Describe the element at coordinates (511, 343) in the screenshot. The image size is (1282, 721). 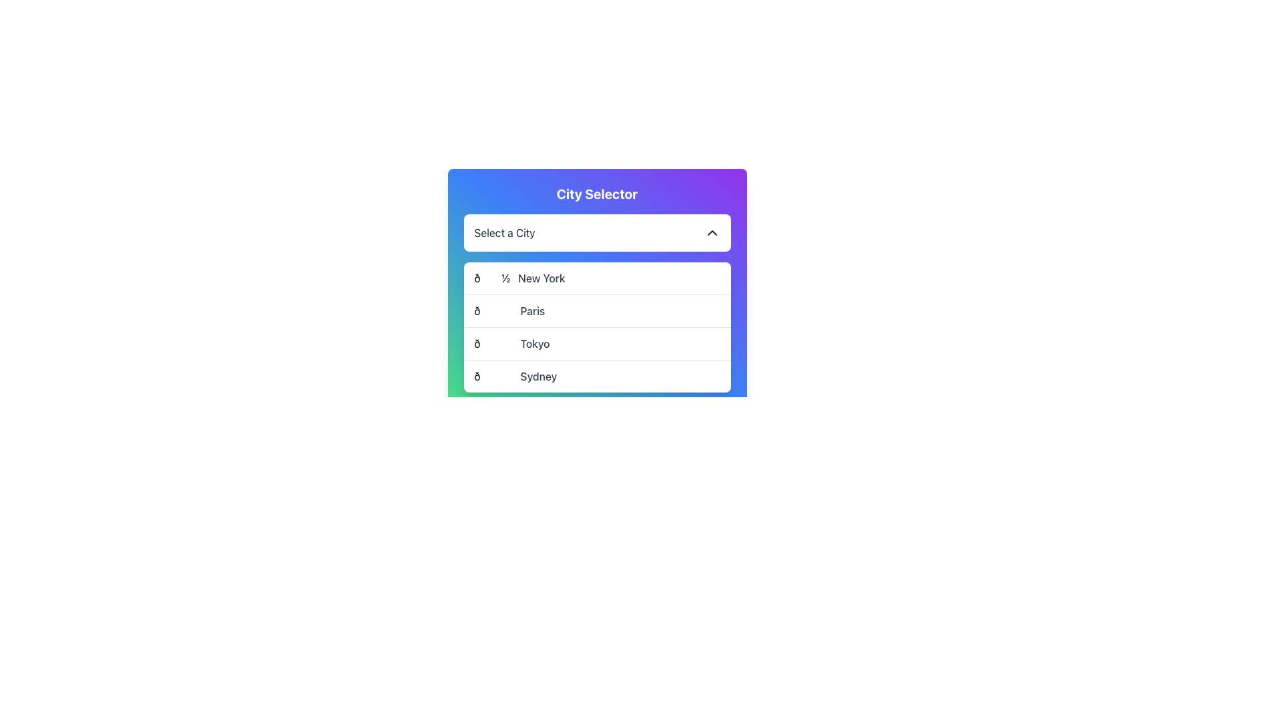
I see `the third item in the dropdown menu that allows the user to select 'Tokyo'` at that location.